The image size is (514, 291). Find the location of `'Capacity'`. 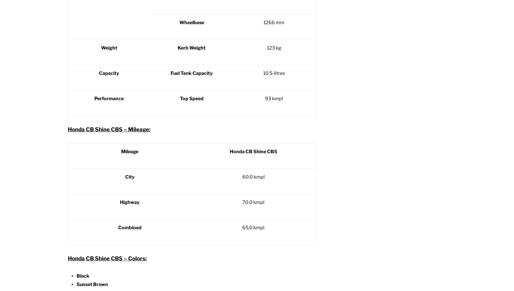

'Capacity' is located at coordinates (109, 73).